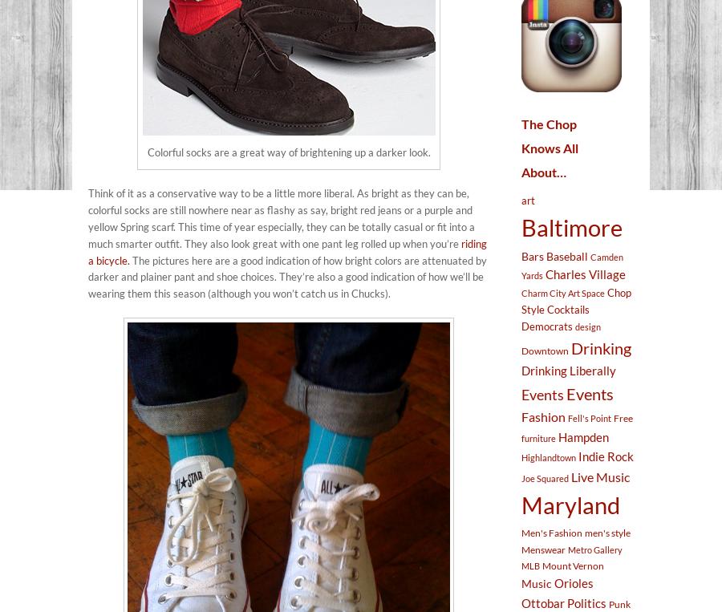 The image size is (722, 612). I want to click on 'Drinking', so click(600, 347).